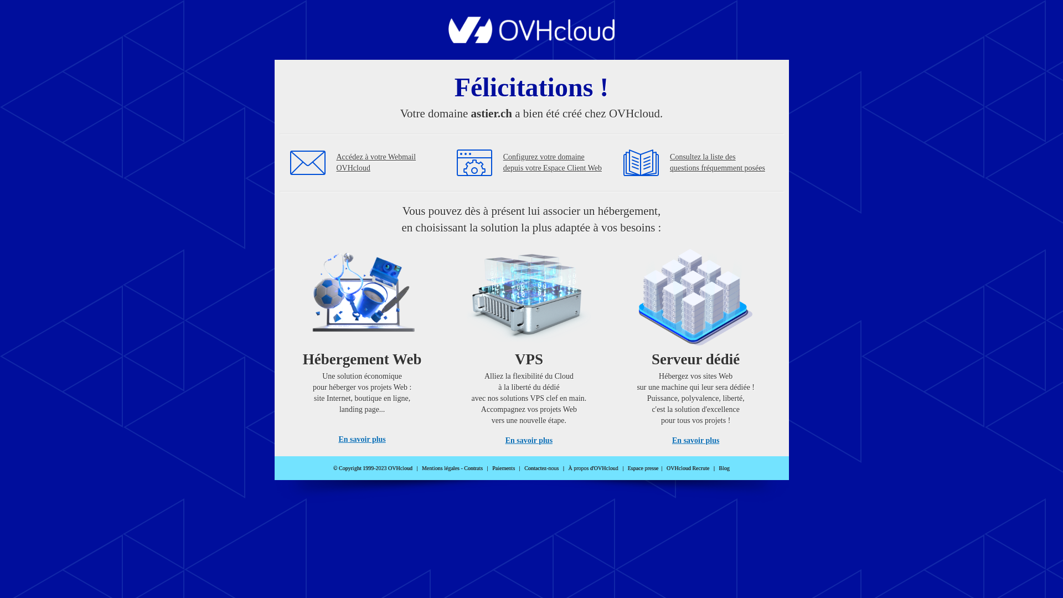 This screenshot has height=598, width=1063. What do you see at coordinates (553, 162) in the screenshot?
I see `'Configurez votre domaine` at bounding box center [553, 162].